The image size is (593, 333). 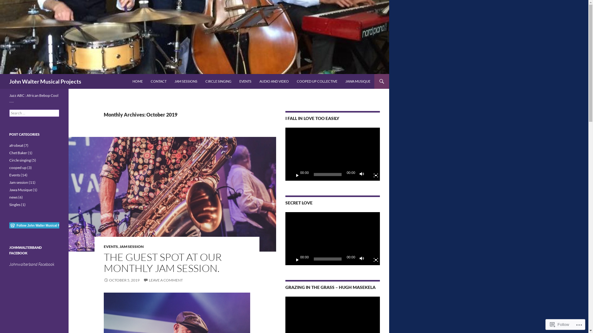 What do you see at coordinates (547, 324) in the screenshot?
I see `'Follow'` at bounding box center [547, 324].